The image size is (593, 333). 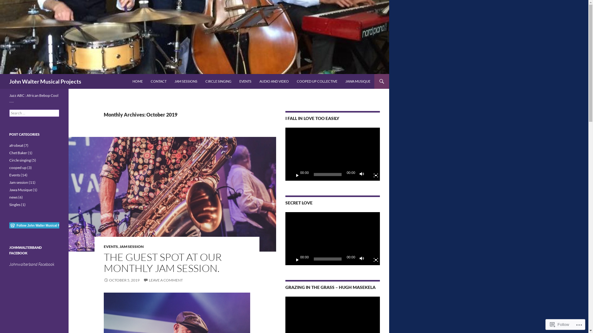 What do you see at coordinates (547, 324) in the screenshot?
I see `'Follow'` at bounding box center [547, 324].